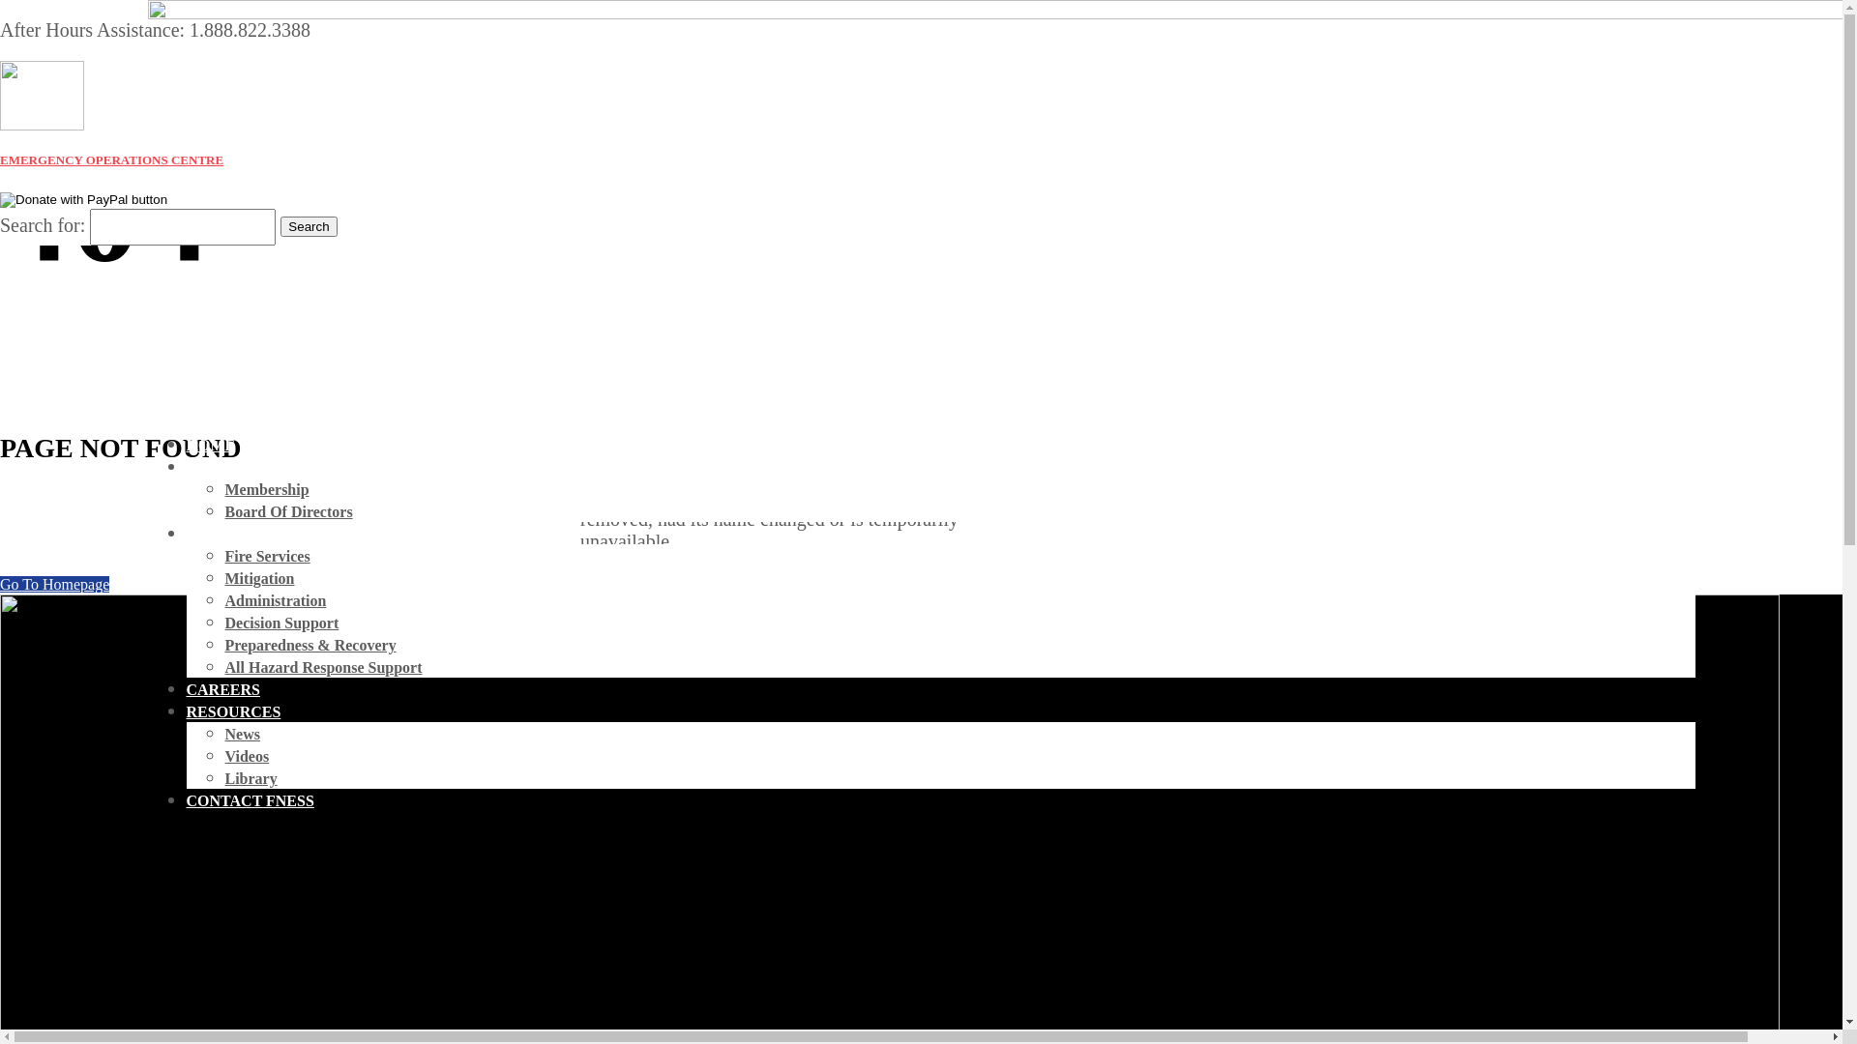 The height and width of the screenshot is (1044, 1857). I want to click on 'PayPal - The safer, easier way to pay online!', so click(0, 200).